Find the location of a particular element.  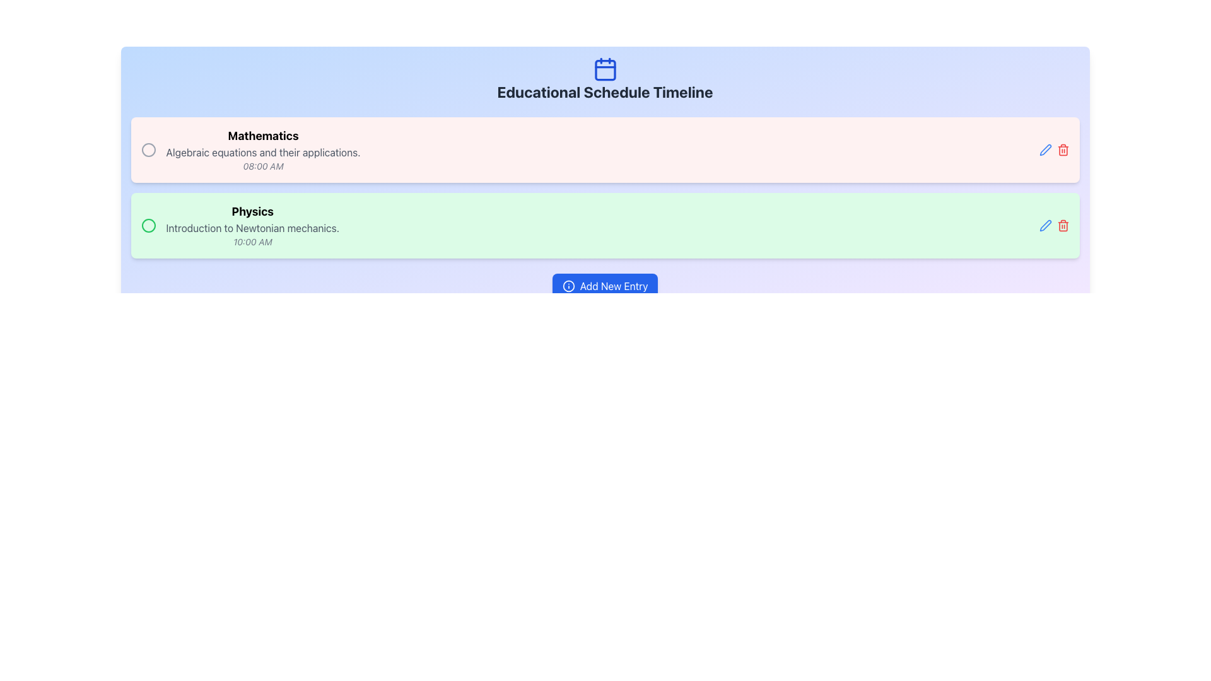

the text display element that shows 'Algebraic equations and their applications.' located below the 'Mathematics' header and above the timestamp '08:00 AM.' is located at coordinates (262, 152).